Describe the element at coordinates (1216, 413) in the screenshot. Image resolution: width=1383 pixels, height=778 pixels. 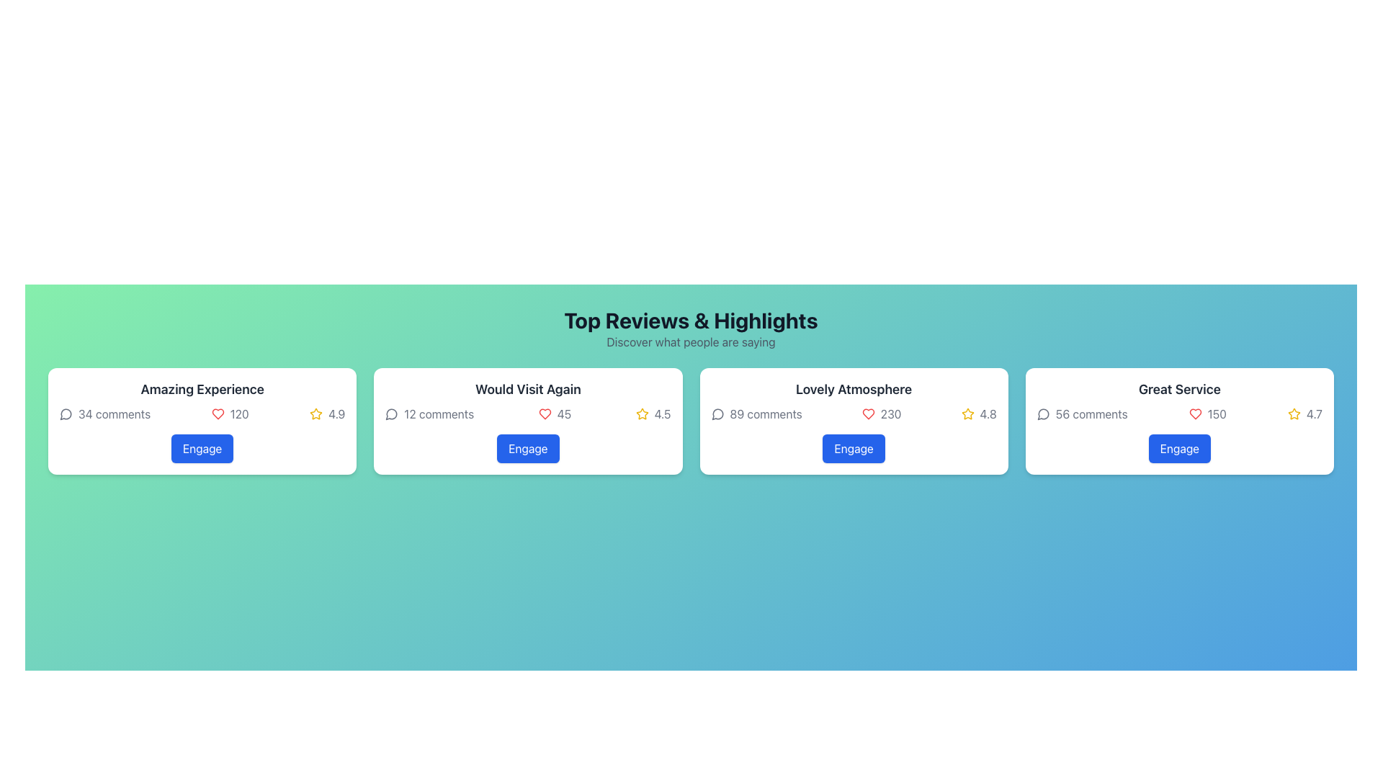
I see `the numeric label displaying the number '150' in gray font style, located in the bottom-right section of the interface inside the 'Great Service' card` at that location.